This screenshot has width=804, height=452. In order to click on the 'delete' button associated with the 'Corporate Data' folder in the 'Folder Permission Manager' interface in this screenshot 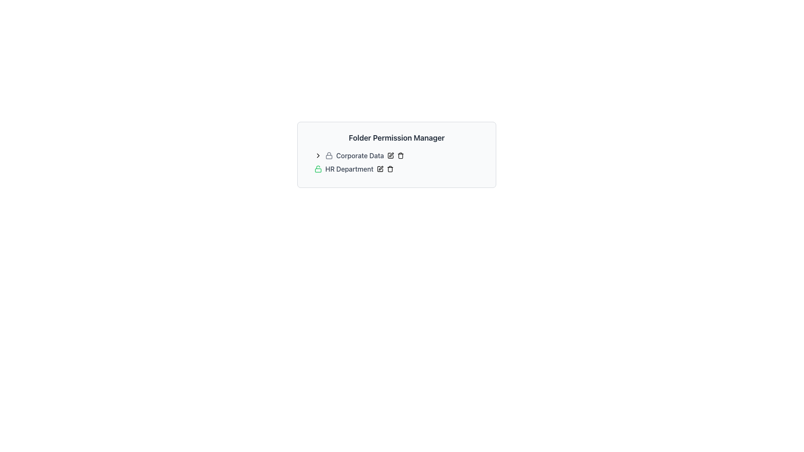, I will do `click(400, 155)`.